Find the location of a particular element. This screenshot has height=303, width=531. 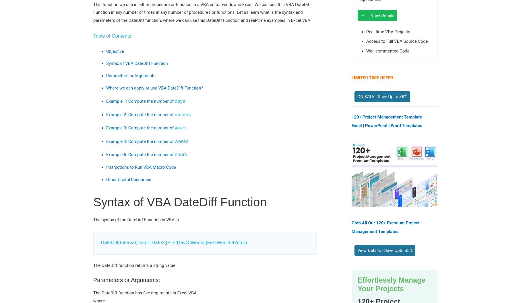

'Table of Contents:' is located at coordinates (113, 36).